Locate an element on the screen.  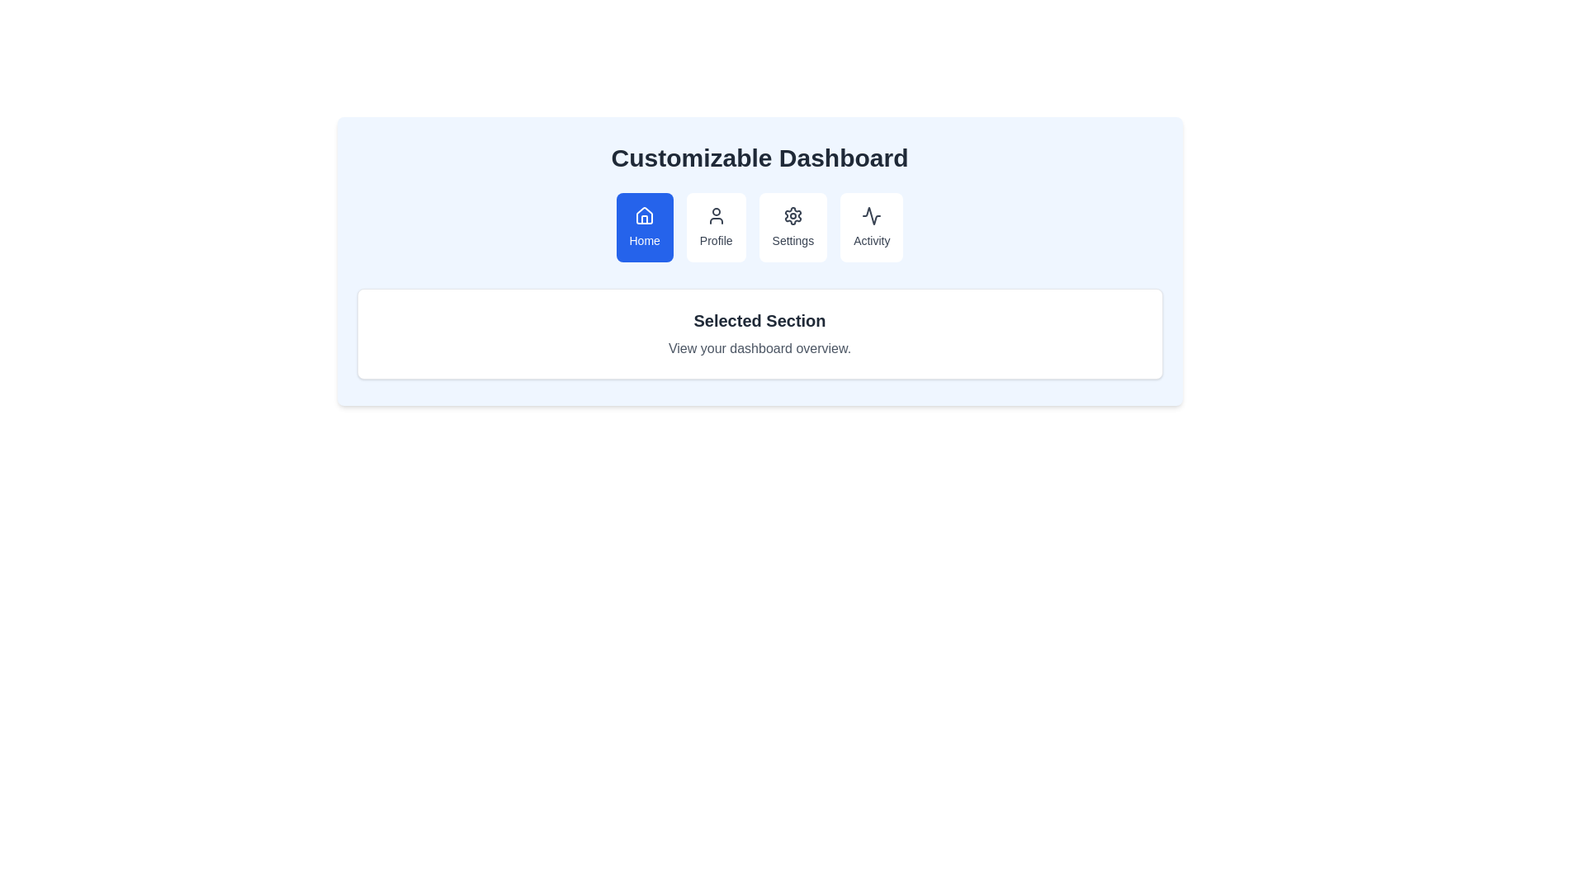
the third button in a row of four buttons, which is positioned between the 'Profile' and 'Activity' buttons is located at coordinates (792, 228).